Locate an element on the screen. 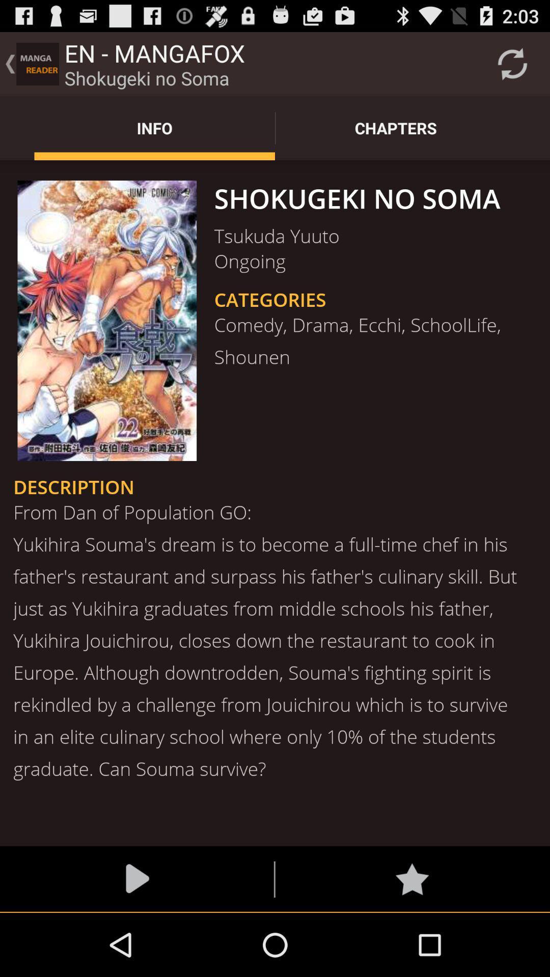 This screenshot has width=550, height=977. the play icon is located at coordinates (136, 940).